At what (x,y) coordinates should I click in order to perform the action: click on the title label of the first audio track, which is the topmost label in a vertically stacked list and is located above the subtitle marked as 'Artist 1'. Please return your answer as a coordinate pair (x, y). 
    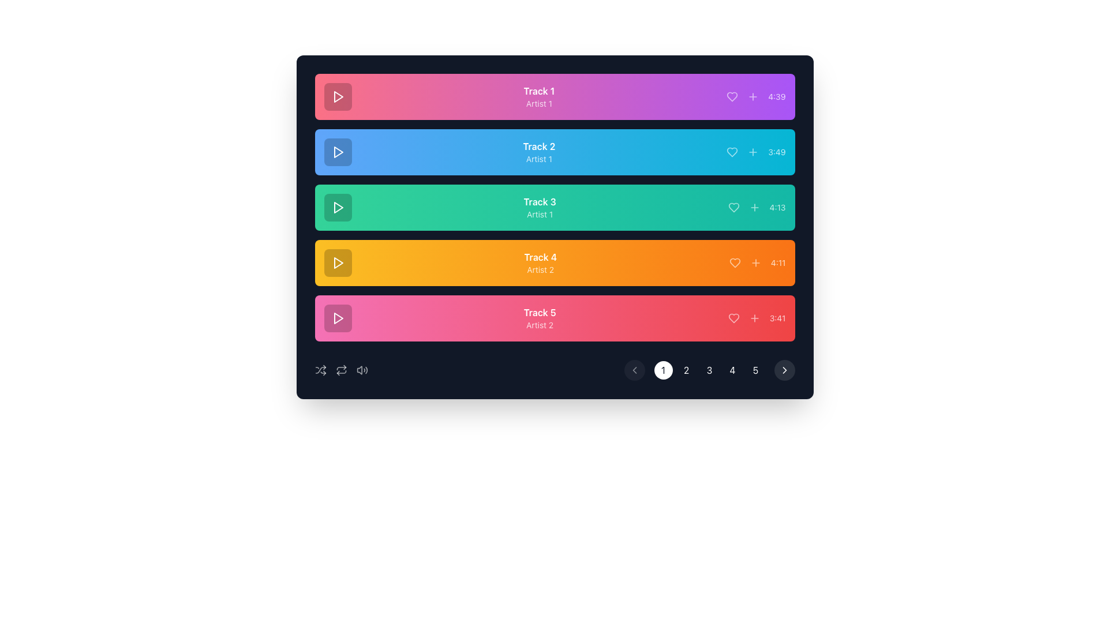
    Looking at the image, I should click on (538, 91).